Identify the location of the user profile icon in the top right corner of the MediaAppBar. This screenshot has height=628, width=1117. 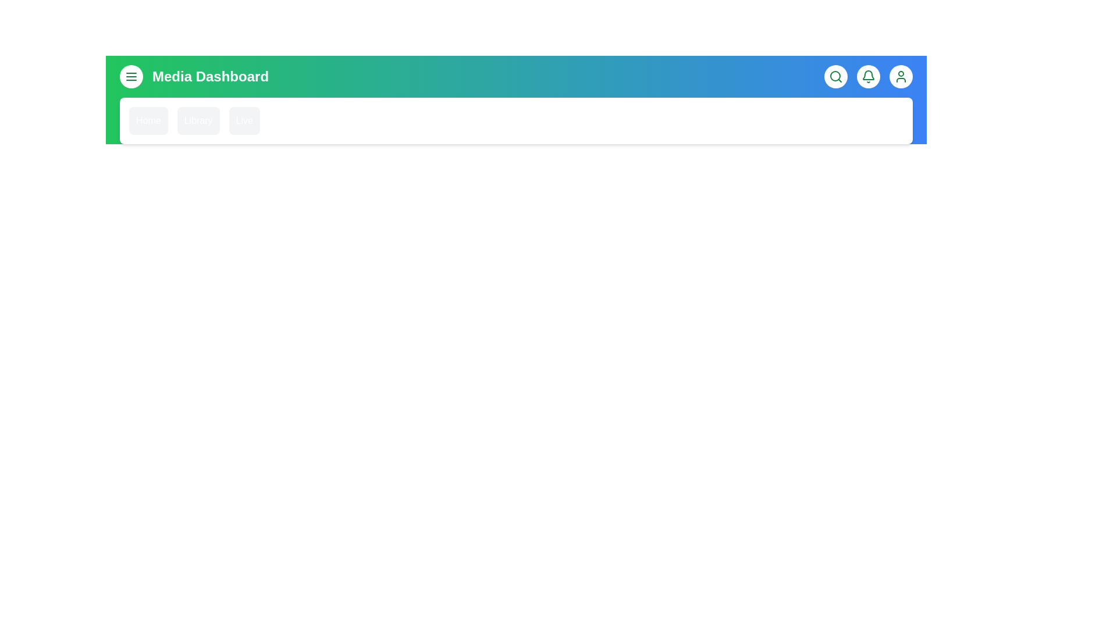
(901, 76).